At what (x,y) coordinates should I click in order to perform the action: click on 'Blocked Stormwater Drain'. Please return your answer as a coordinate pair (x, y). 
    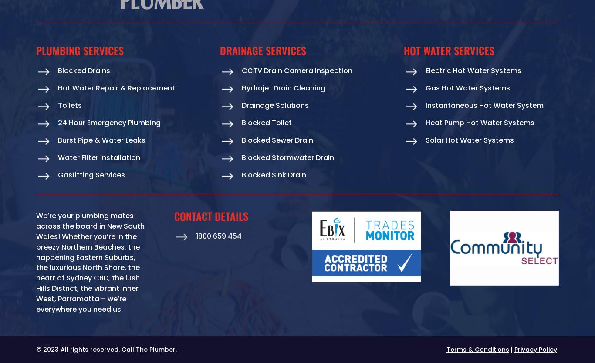
    Looking at the image, I should click on (287, 157).